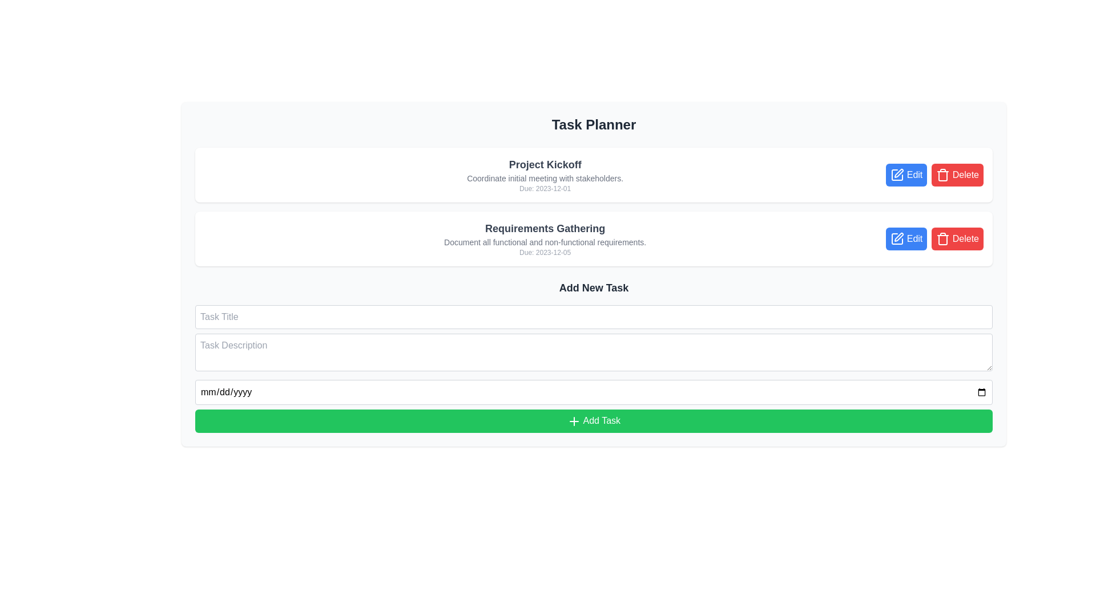 This screenshot has height=616, width=1096. I want to click on the blue 'Edit' button with a pencil icon to initiate the edit functionality, so click(906, 237).